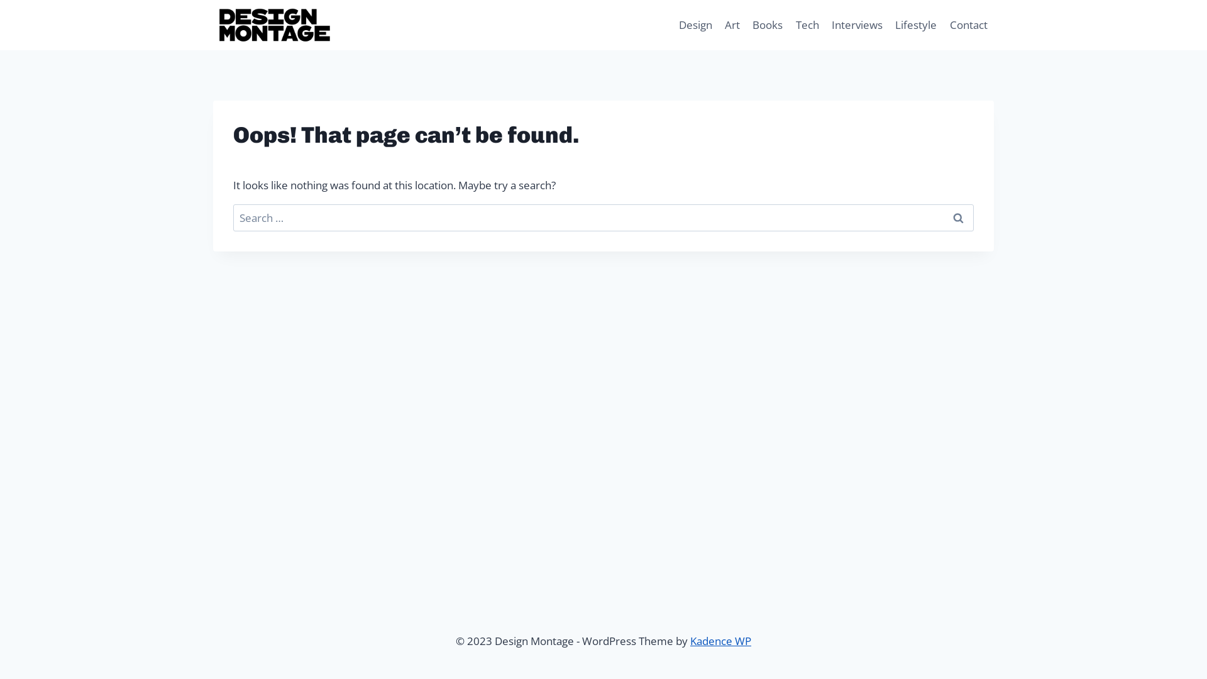 The width and height of the screenshot is (1207, 679). I want to click on 'Kadence WP', so click(720, 641).